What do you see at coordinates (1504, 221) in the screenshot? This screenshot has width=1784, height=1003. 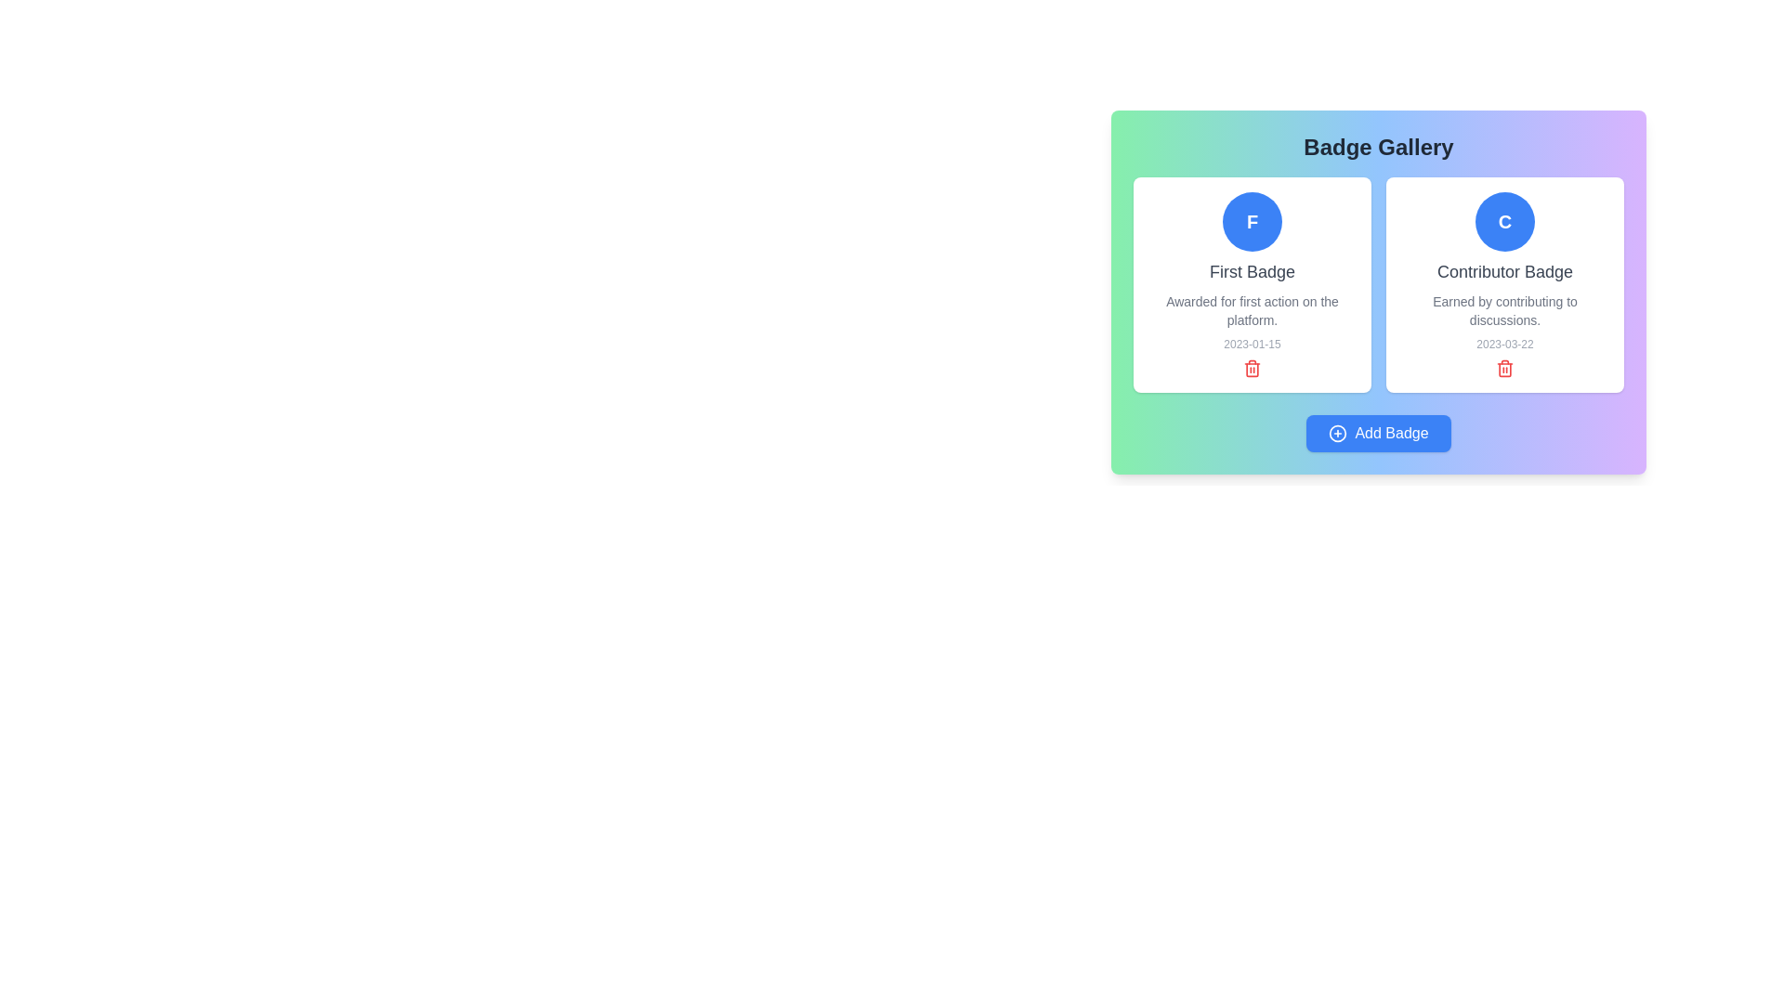 I see `the bold 'C' character in the white color, which is centrally placed within the blue circular background of the 'Contributor Badge' card` at bounding box center [1504, 221].